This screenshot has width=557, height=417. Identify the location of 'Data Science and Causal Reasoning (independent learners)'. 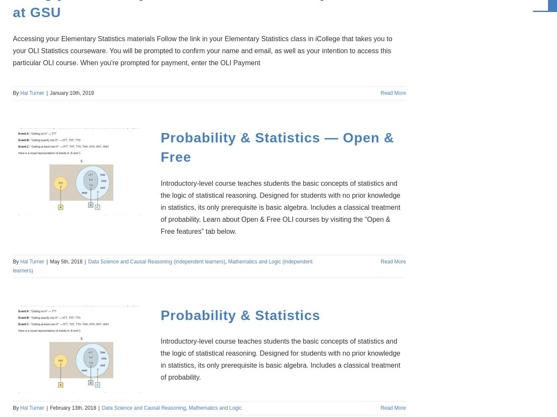
(88, 261).